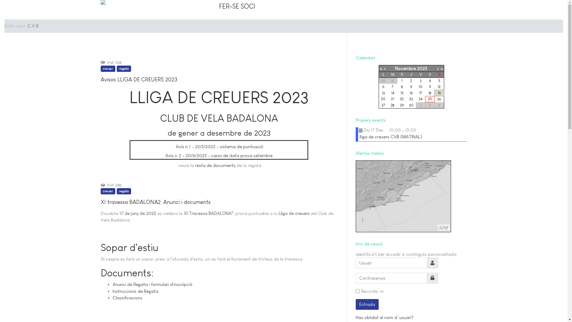 The image size is (572, 322). I want to click on '9', so click(411, 86).